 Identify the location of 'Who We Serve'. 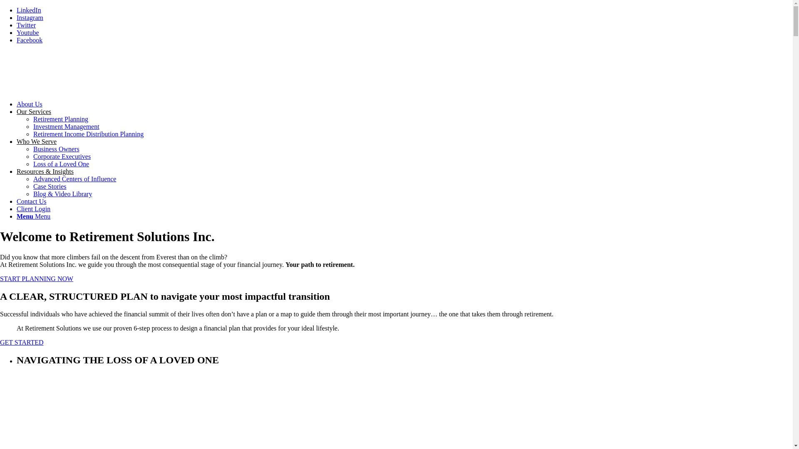
(36, 141).